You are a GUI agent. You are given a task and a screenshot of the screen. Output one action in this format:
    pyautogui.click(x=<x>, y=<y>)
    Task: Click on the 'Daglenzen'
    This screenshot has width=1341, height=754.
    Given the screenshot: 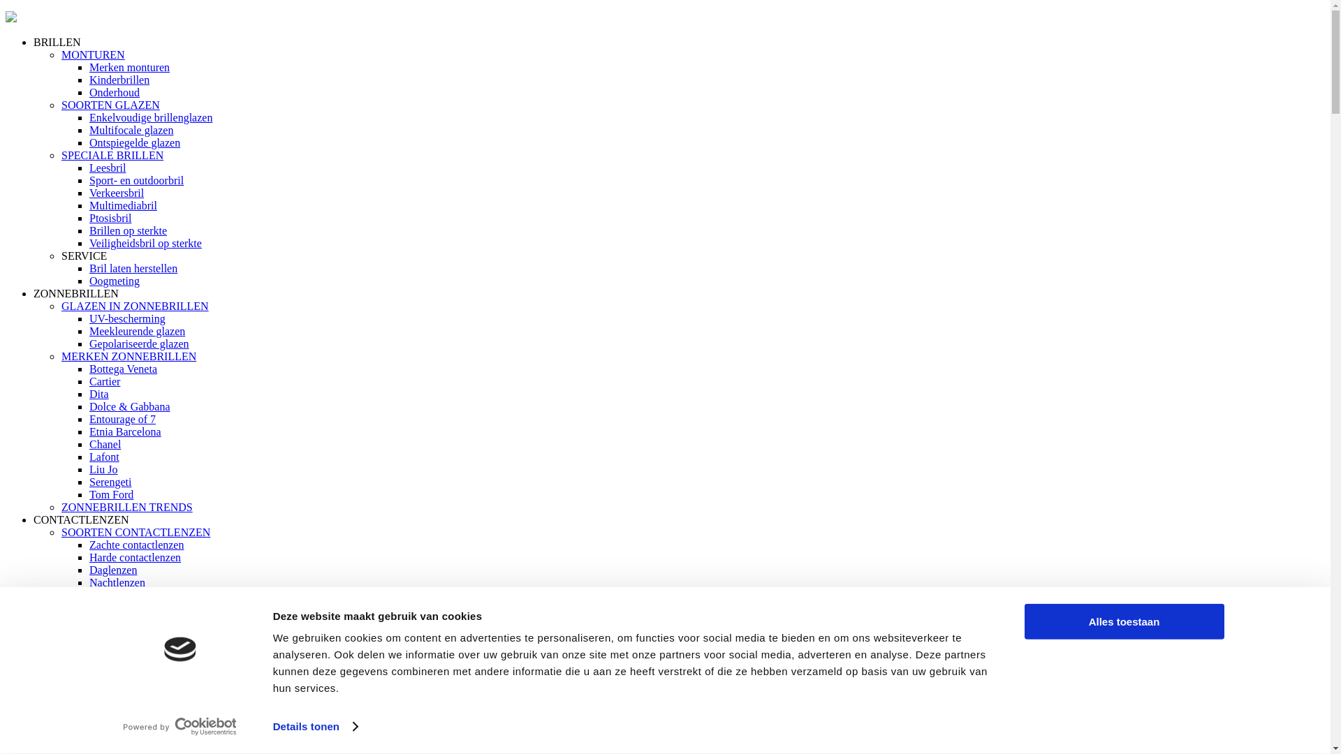 What is the action you would take?
    pyautogui.click(x=89, y=570)
    